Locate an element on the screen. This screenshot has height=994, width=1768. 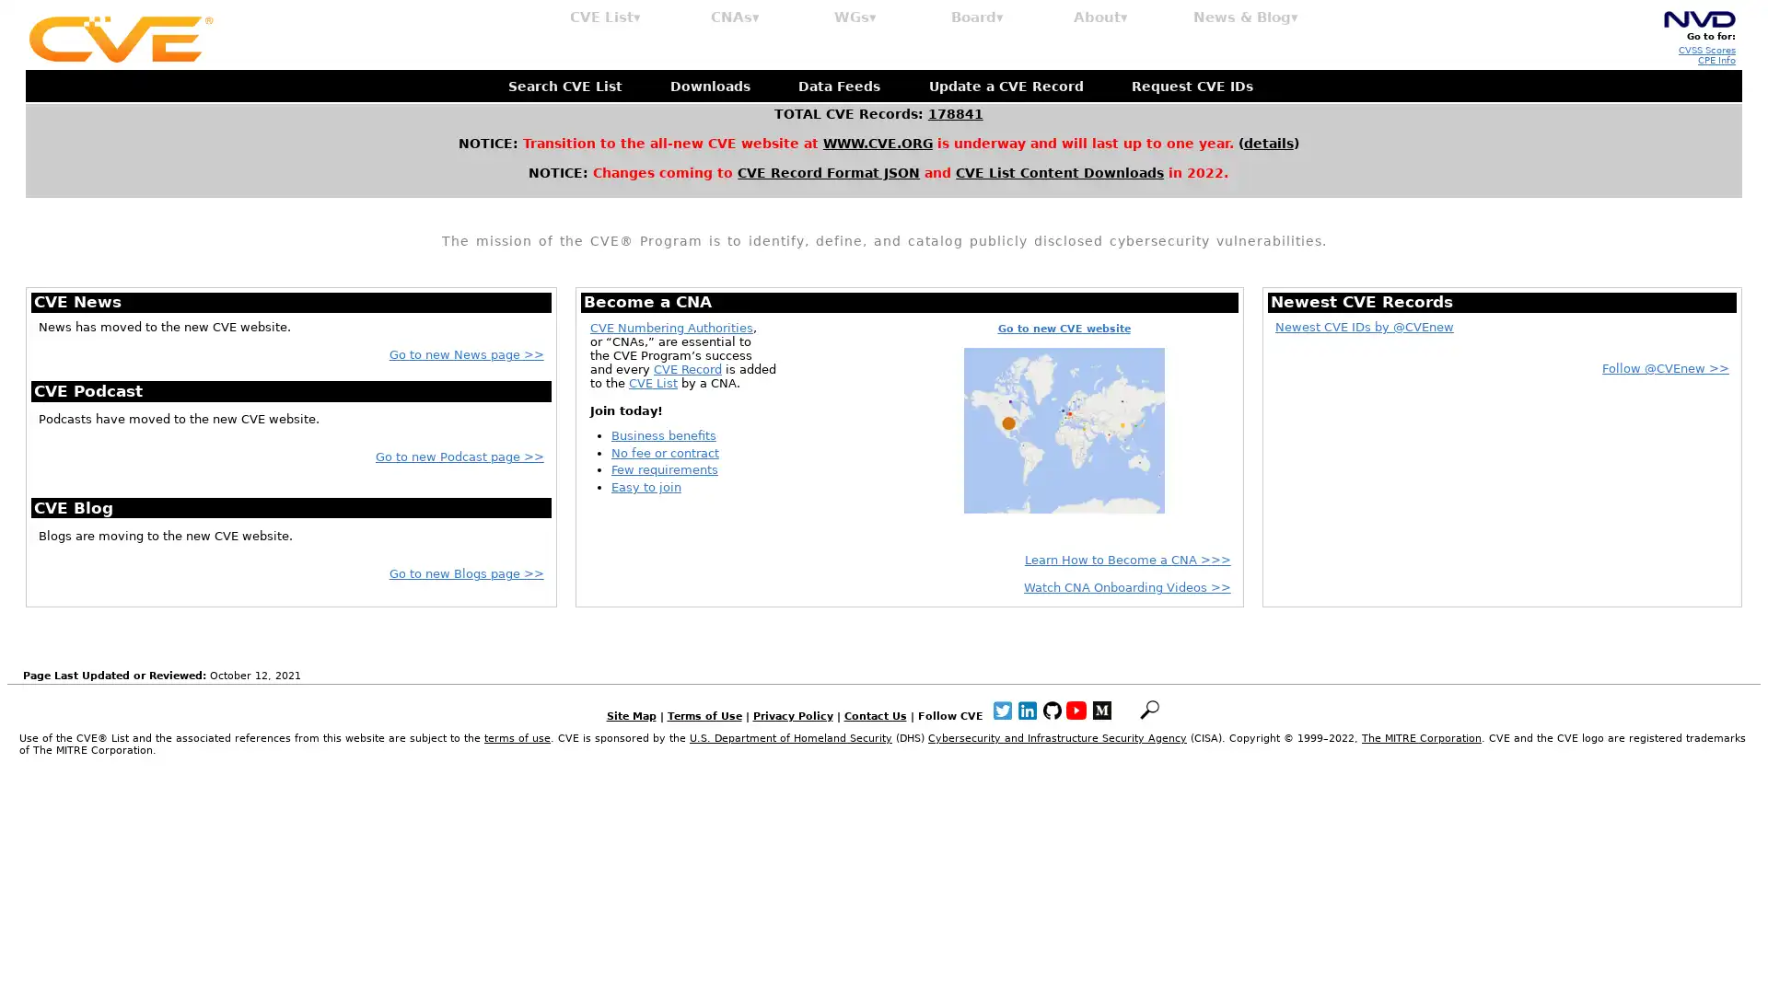
WGs is located at coordinates (855, 17).